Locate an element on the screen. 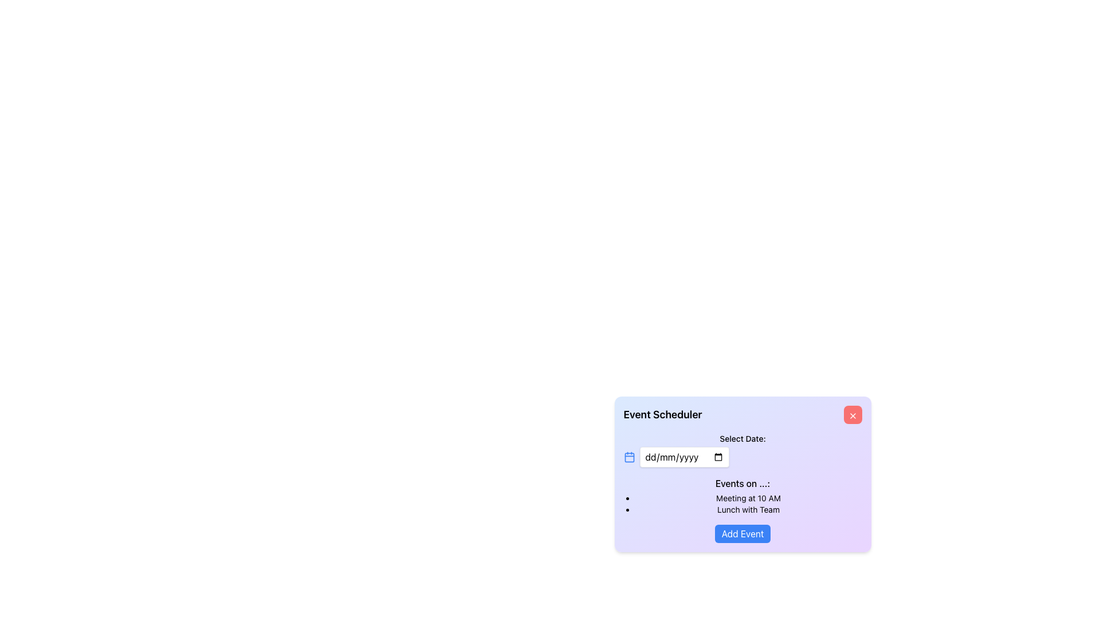 The width and height of the screenshot is (1100, 618). the text element displaying 'Lunch with Team', which is the second item in the bulleted list under the 'Events on ...:' section, located directly below 'Meeting at 10 AM' is located at coordinates (748, 509).